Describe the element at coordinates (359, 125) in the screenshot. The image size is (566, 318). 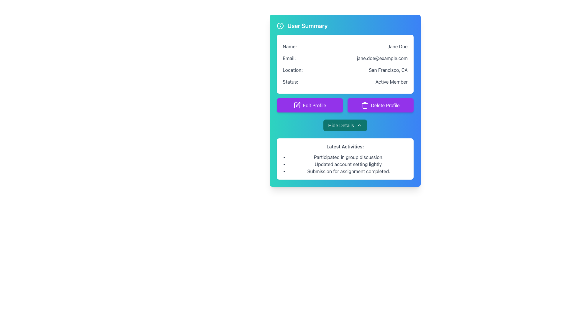
I see `the upward arrow icon inside the 'Hide Details' button, which indicates that the button is active and will collapse the details section` at that location.